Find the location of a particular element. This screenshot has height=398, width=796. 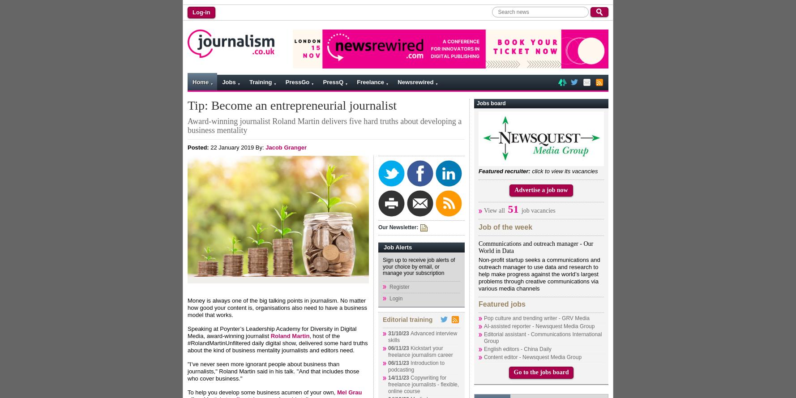

'Award-winning journalist Roland Martin delivers five hard truths about developing a business mentality' is located at coordinates (324, 125).